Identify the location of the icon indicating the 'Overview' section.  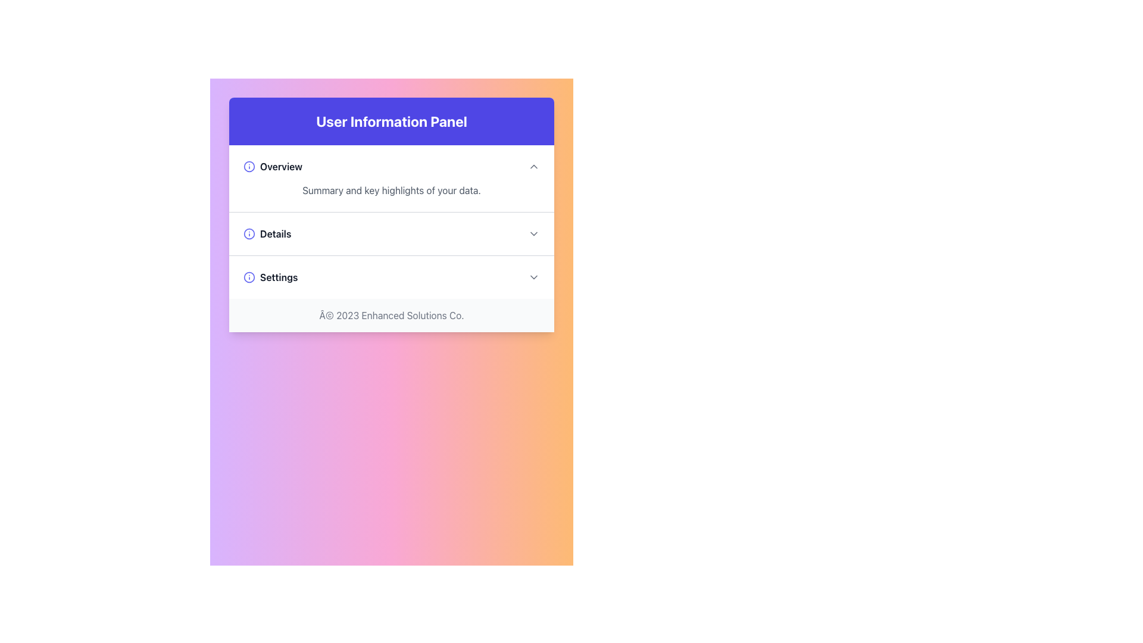
(533, 167).